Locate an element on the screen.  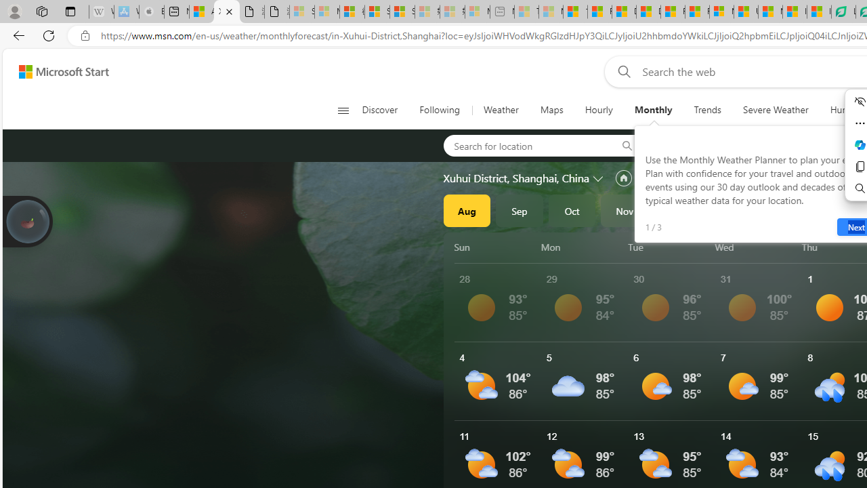
'Nov' is located at coordinates (624, 211).